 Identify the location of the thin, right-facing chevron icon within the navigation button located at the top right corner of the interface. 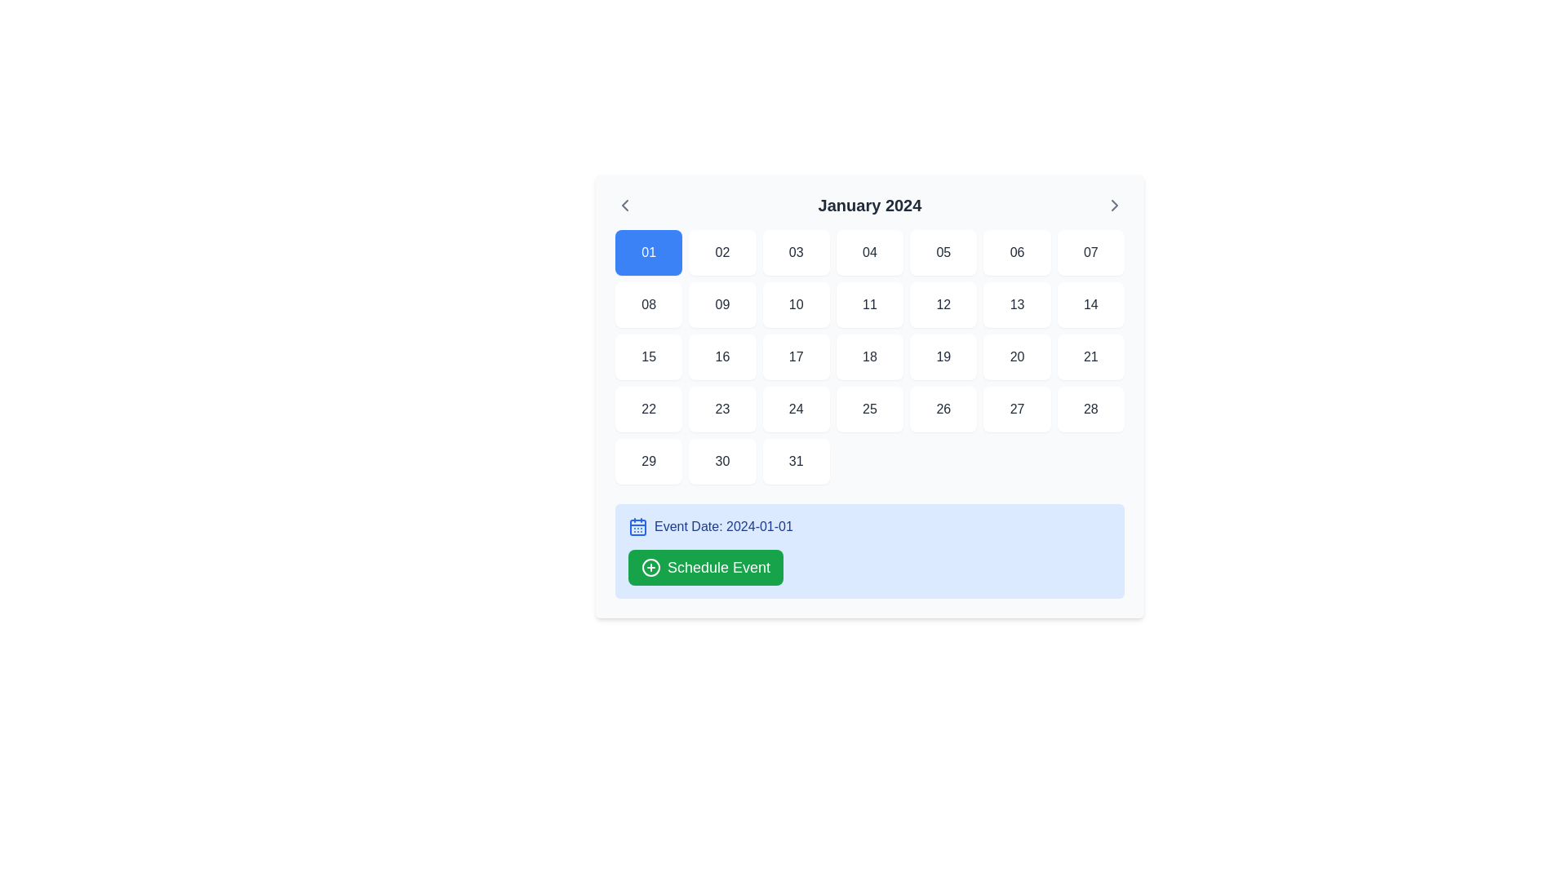
(1113, 204).